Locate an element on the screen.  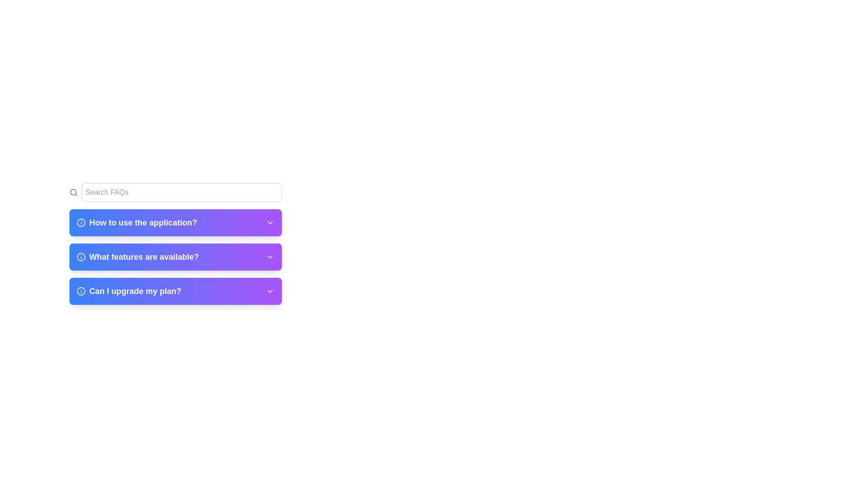
the FAQ entry title text is located at coordinates (136, 222).